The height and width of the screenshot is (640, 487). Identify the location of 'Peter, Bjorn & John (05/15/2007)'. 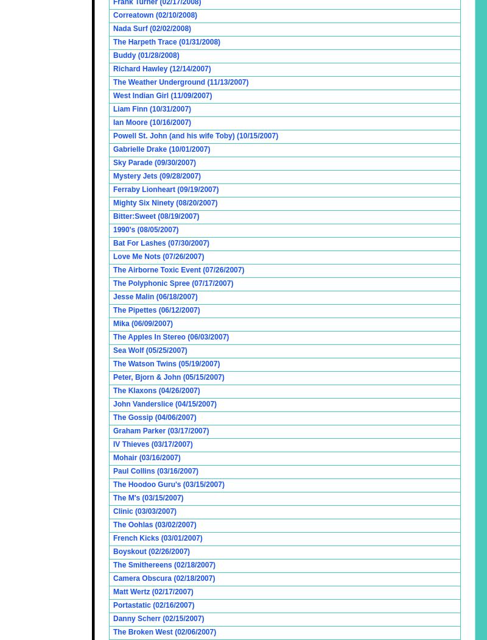
(169, 377).